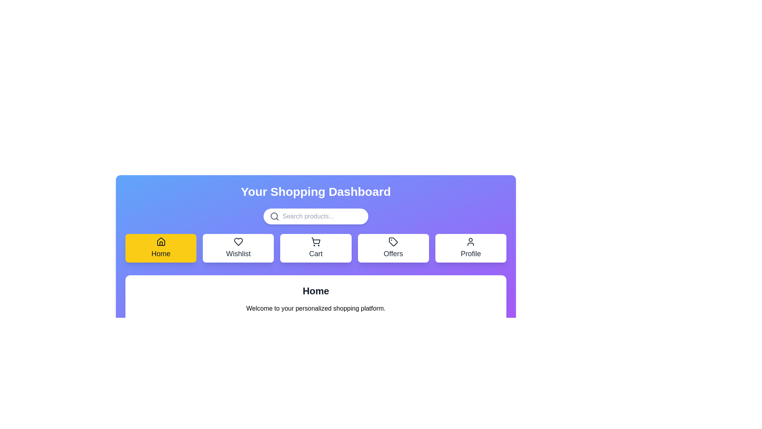 The height and width of the screenshot is (429, 762). I want to click on the user profile icon, which is a simple line drawing of a user's head and shoulders located within a rounded button labeled 'Profile' in the top-right segment of the navigation bar, so click(471, 242).